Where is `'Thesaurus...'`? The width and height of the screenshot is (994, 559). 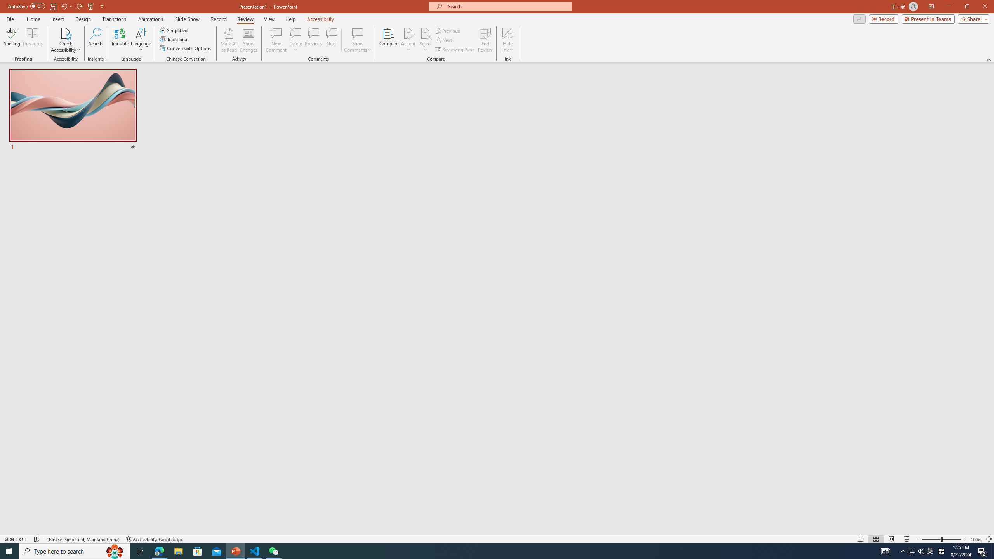
'Thesaurus...' is located at coordinates (32, 40).